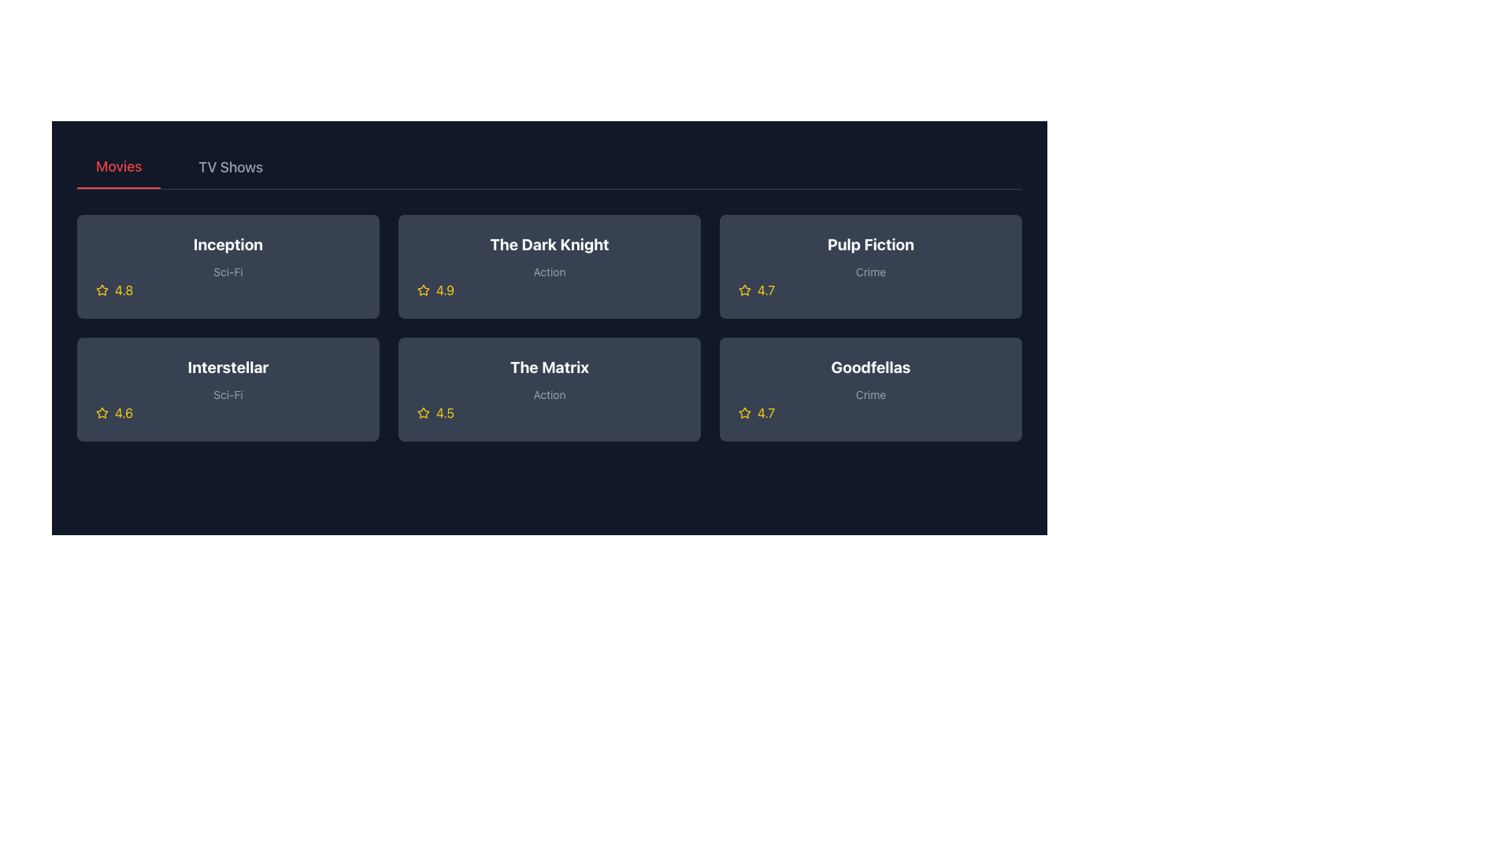 The image size is (1512, 850). What do you see at coordinates (869, 290) in the screenshot?
I see `the card displaying the movie 'Pulp Fiction', located in the third card of the top row, under the title and genre` at bounding box center [869, 290].